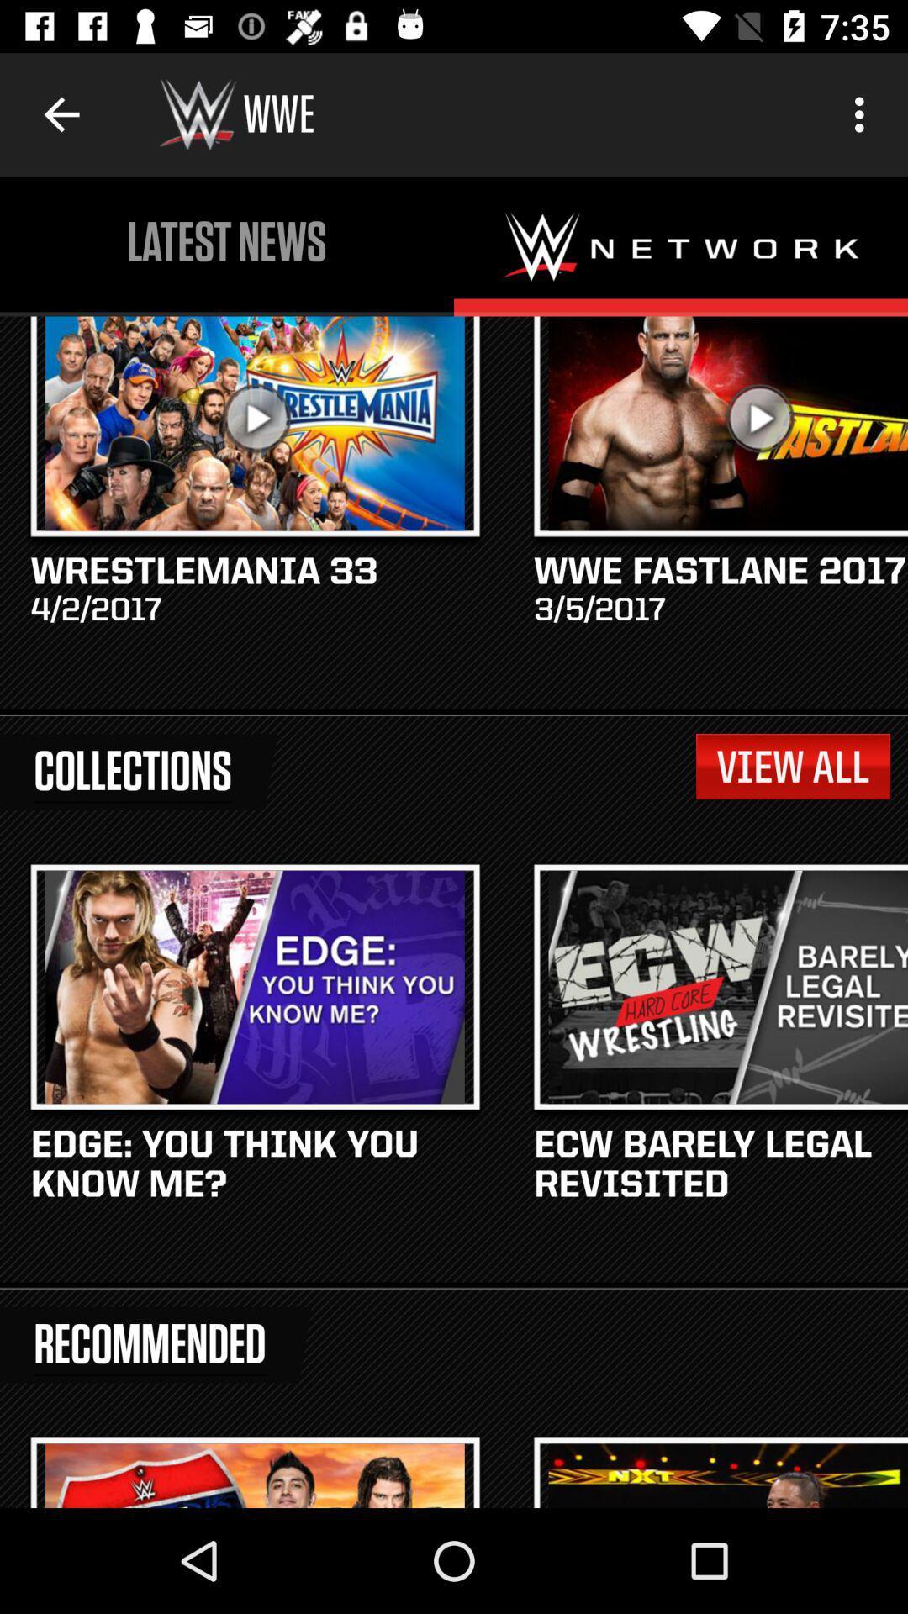 This screenshot has width=908, height=1614. What do you see at coordinates (793, 766) in the screenshot?
I see `view all item` at bounding box center [793, 766].